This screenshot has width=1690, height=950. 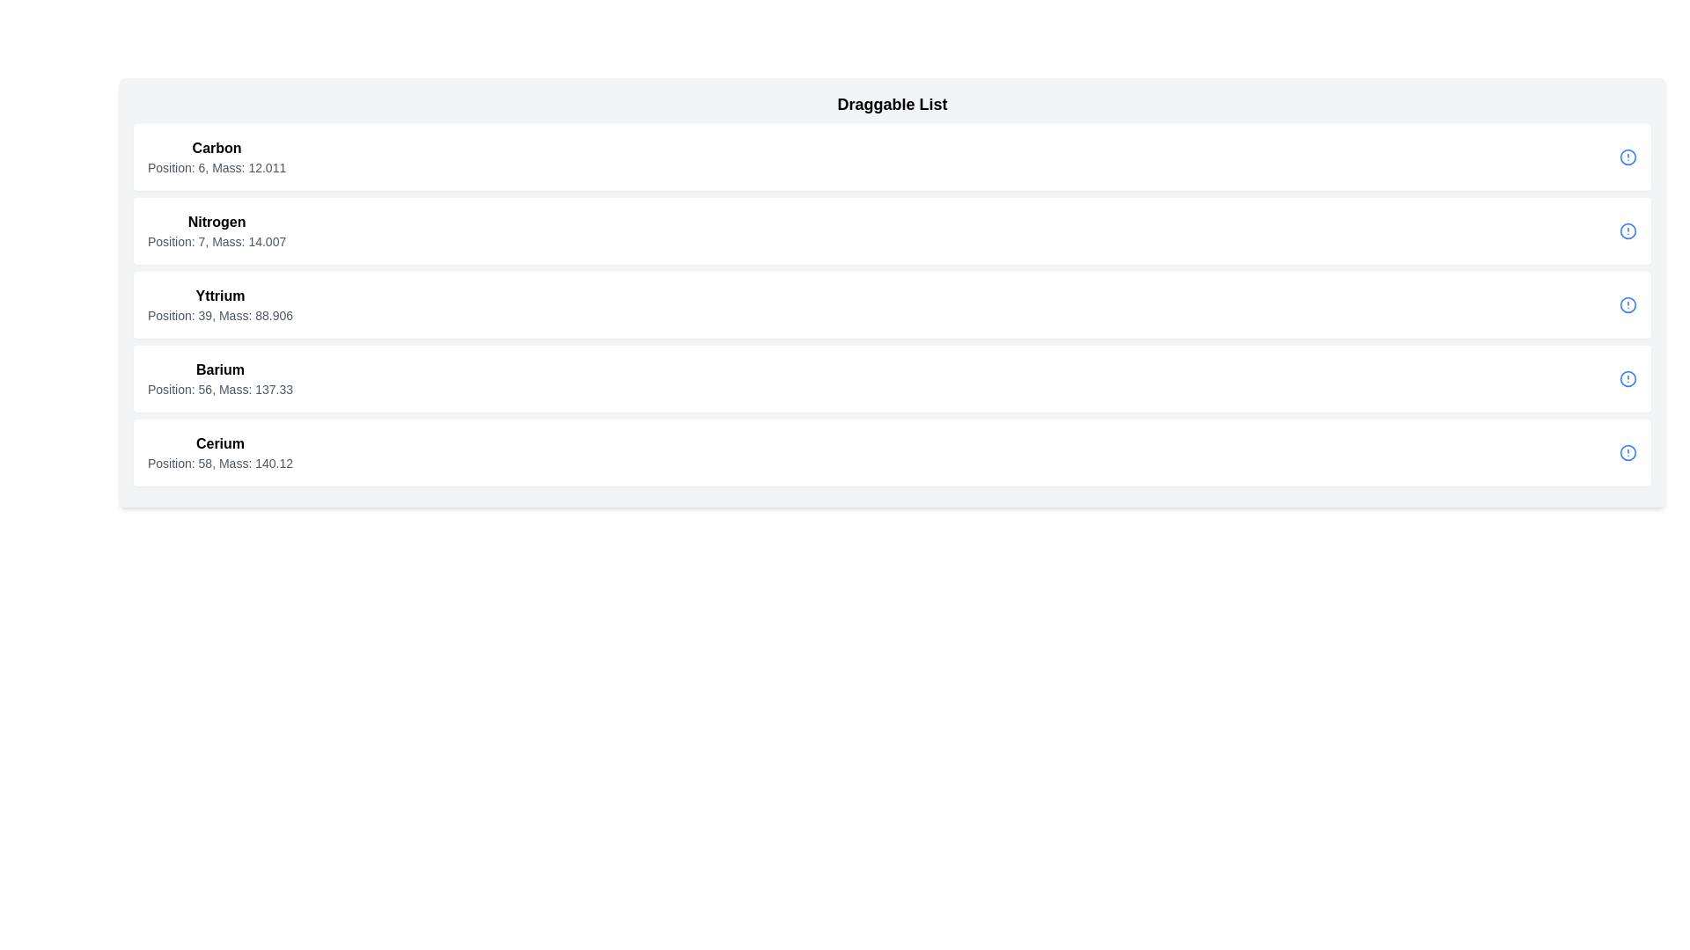 What do you see at coordinates (1627, 378) in the screenshot?
I see `the SVG-based circular icon with a blue stroke and white fill located to the right of the 'Barium' entry in the Draggable List` at bounding box center [1627, 378].